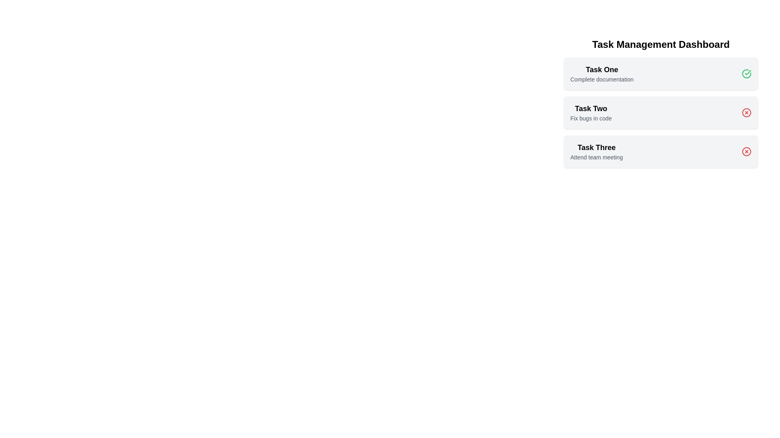 The image size is (780, 438). What do you see at coordinates (747, 112) in the screenshot?
I see `the cross icon for the task titled Task Two` at bounding box center [747, 112].